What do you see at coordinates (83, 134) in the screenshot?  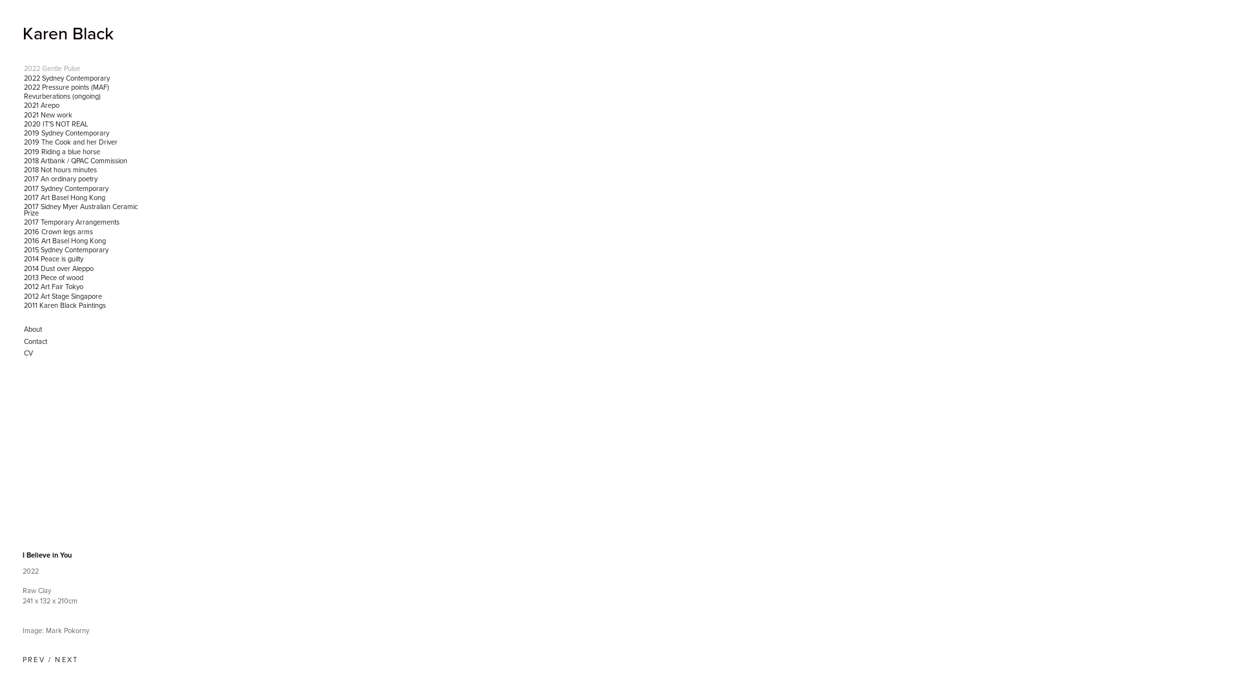 I see `'2019 Sydney Contemporary'` at bounding box center [83, 134].